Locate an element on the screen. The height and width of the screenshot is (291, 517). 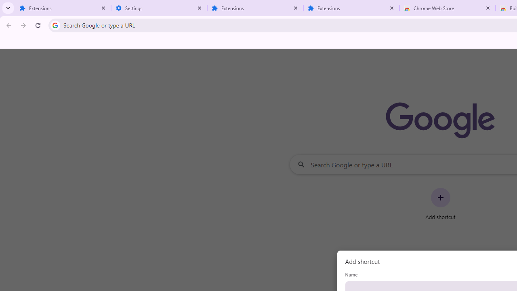
'Settings' is located at coordinates (159, 8).